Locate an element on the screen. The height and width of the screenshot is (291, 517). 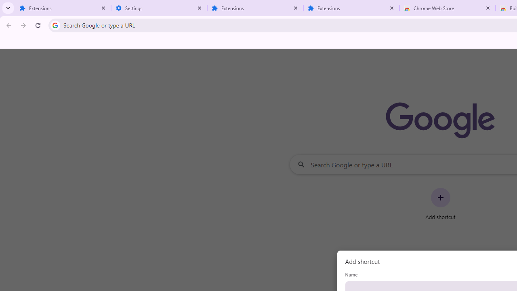
'Settings' is located at coordinates (159, 8).